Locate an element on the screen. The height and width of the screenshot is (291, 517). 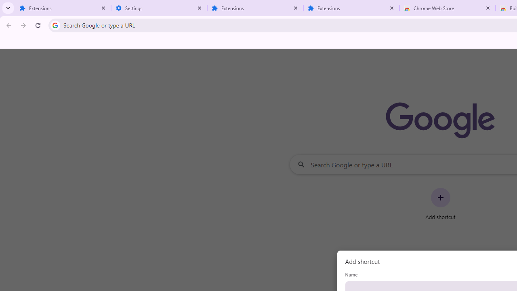
'Settings' is located at coordinates (159, 8).